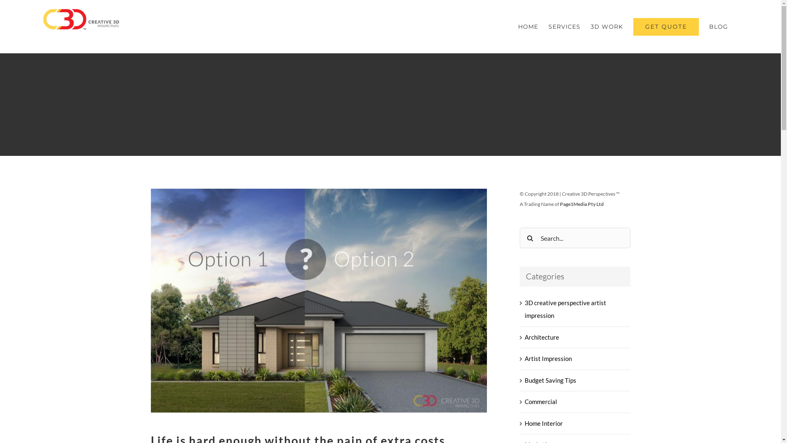  What do you see at coordinates (575, 337) in the screenshot?
I see `'Architecture'` at bounding box center [575, 337].